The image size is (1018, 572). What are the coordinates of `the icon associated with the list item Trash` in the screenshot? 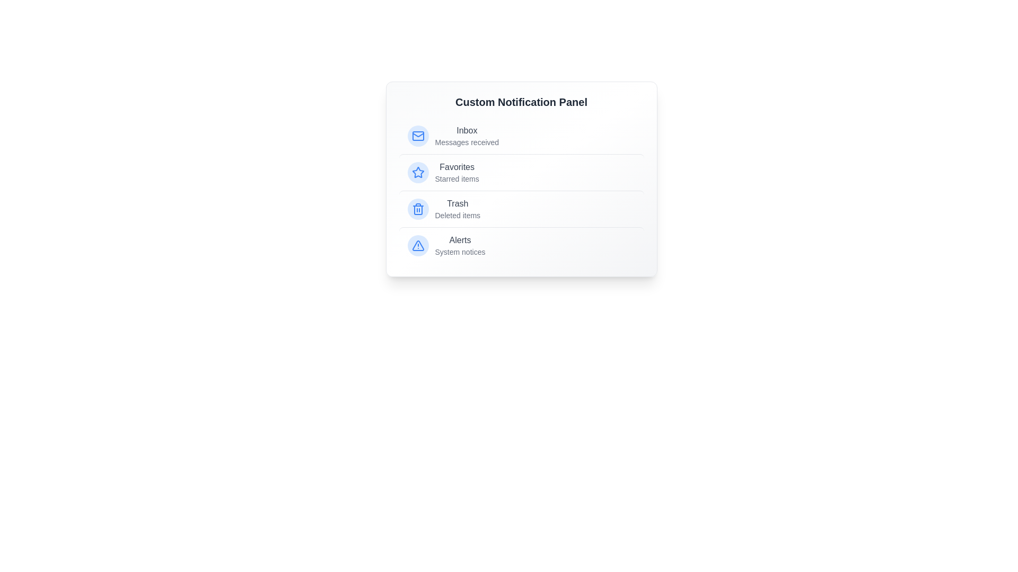 It's located at (417, 209).